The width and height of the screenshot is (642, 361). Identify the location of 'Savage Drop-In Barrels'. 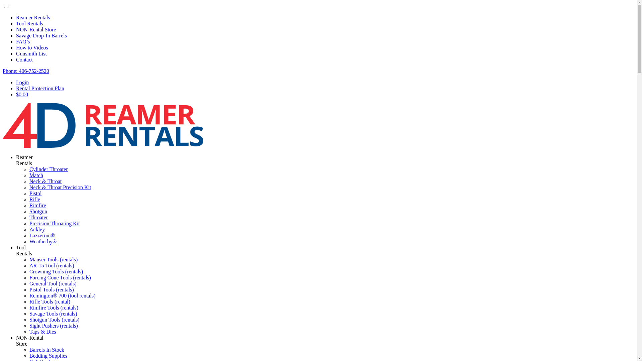
(41, 35).